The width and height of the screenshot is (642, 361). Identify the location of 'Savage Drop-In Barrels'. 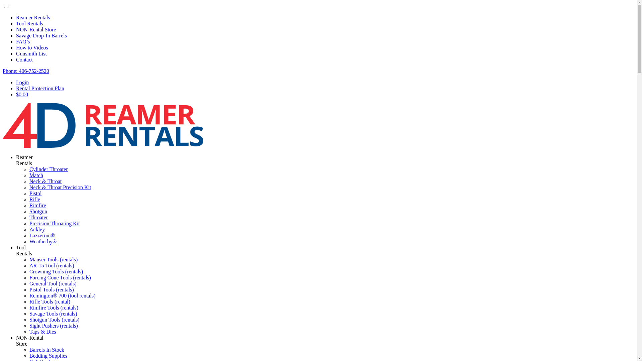
(41, 35).